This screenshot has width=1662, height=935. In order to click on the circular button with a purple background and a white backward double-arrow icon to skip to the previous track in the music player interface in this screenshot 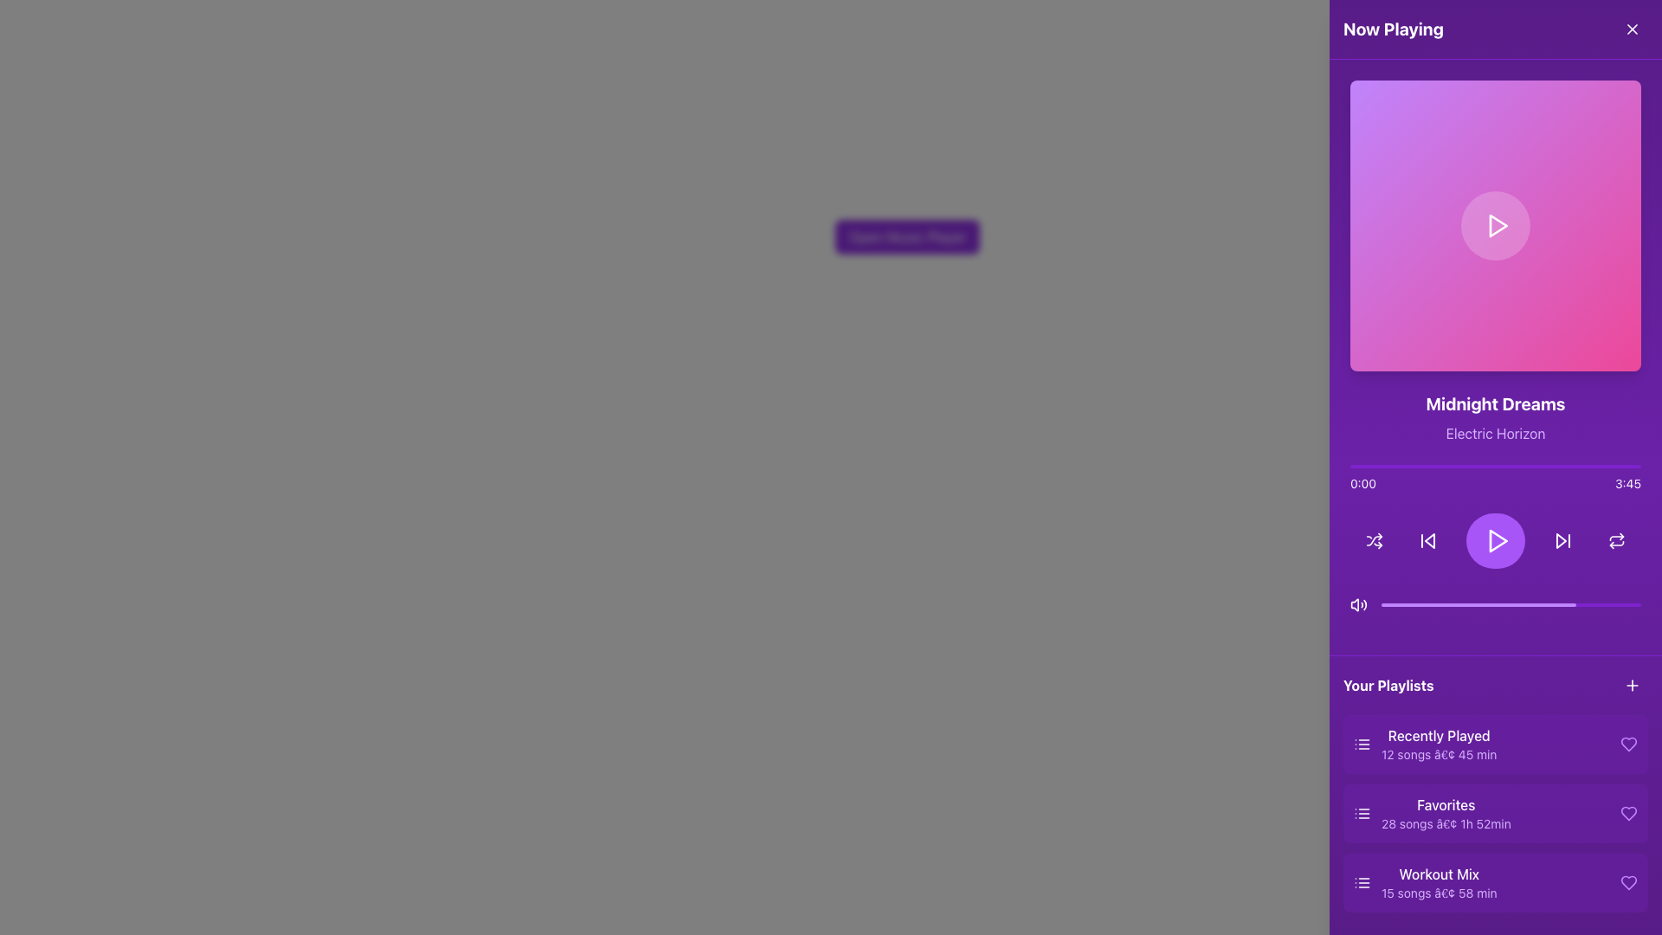, I will do `click(1428, 539)`.